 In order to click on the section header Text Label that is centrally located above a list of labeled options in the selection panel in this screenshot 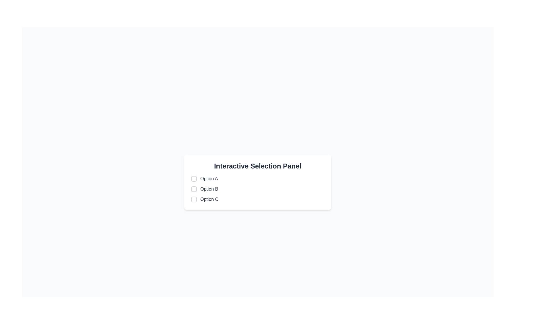, I will do `click(257, 166)`.